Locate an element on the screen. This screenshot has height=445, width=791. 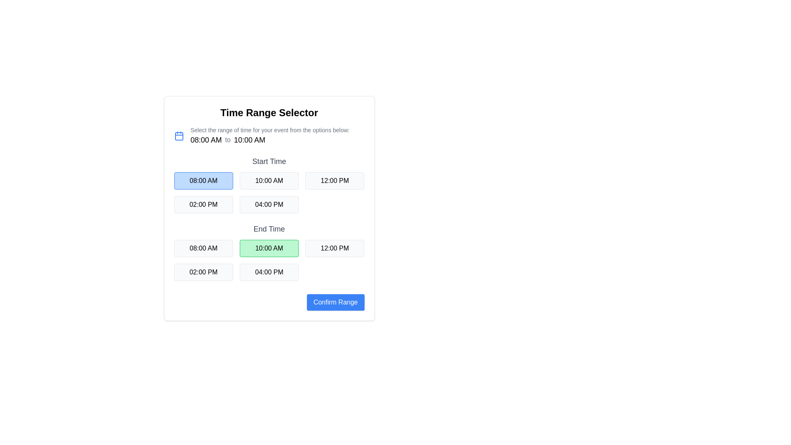
the rectangular 'Confirm Range' button with a blue background located at the bottom-right corner under the 'End Time' section is located at coordinates (335, 302).